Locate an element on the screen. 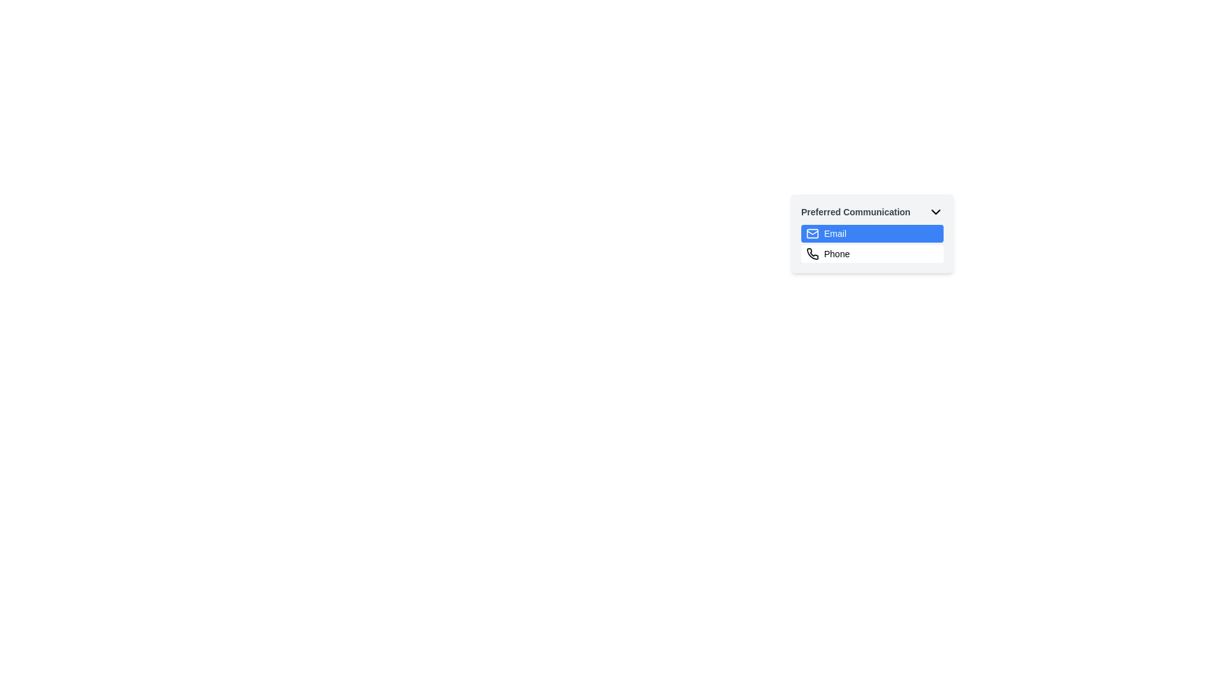  the blue rectangular icon component of the email envelope located in the dropdown menu labeled 'Preferred Communication' is located at coordinates (811, 233).